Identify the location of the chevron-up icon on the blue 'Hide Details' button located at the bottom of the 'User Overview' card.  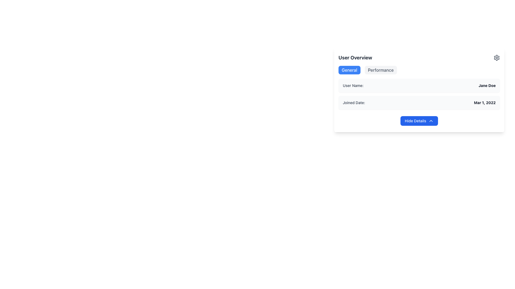
(431, 121).